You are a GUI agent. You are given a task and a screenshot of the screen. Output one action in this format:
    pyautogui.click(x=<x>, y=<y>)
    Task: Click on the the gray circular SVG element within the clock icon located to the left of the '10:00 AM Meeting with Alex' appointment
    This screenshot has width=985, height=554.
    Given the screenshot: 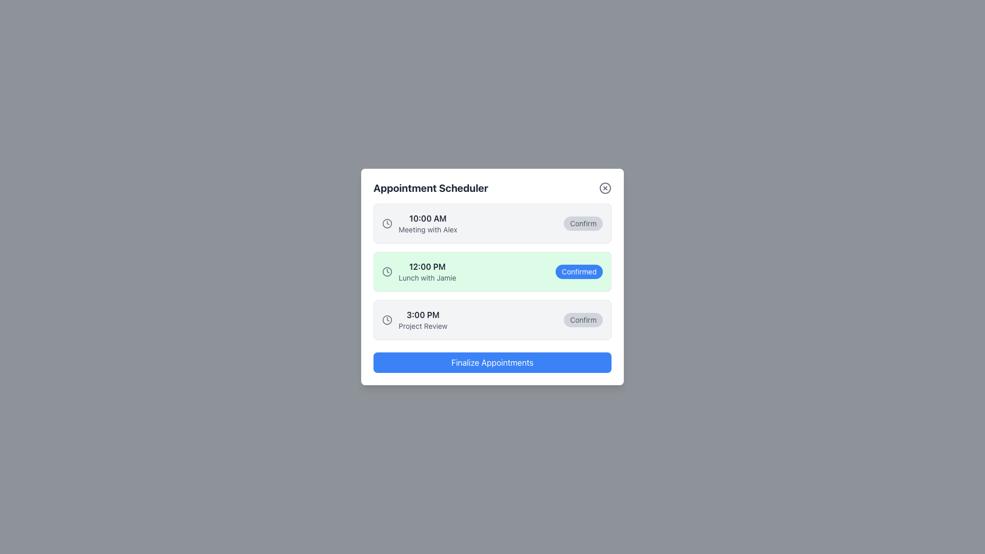 What is the action you would take?
    pyautogui.click(x=386, y=320)
    